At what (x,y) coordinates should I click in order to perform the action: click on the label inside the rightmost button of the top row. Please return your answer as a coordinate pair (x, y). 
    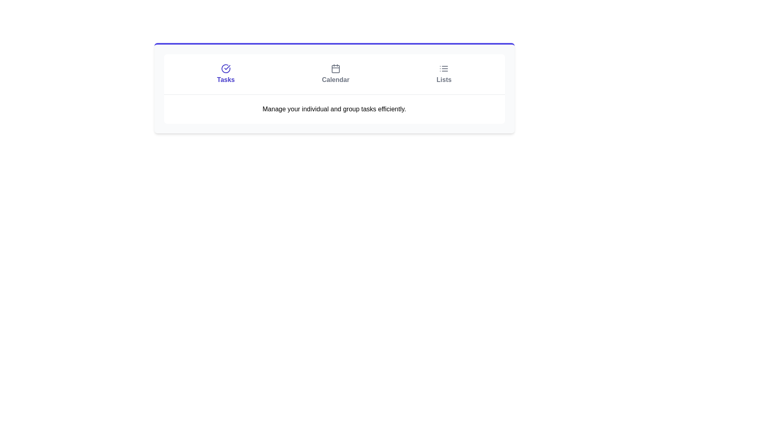
    Looking at the image, I should click on (443, 80).